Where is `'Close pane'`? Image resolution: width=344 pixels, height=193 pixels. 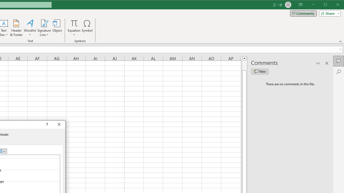 'Close pane' is located at coordinates (327, 63).